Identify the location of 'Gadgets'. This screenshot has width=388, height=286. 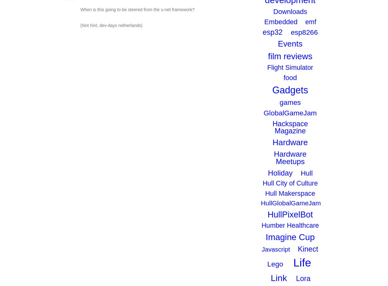
(272, 89).